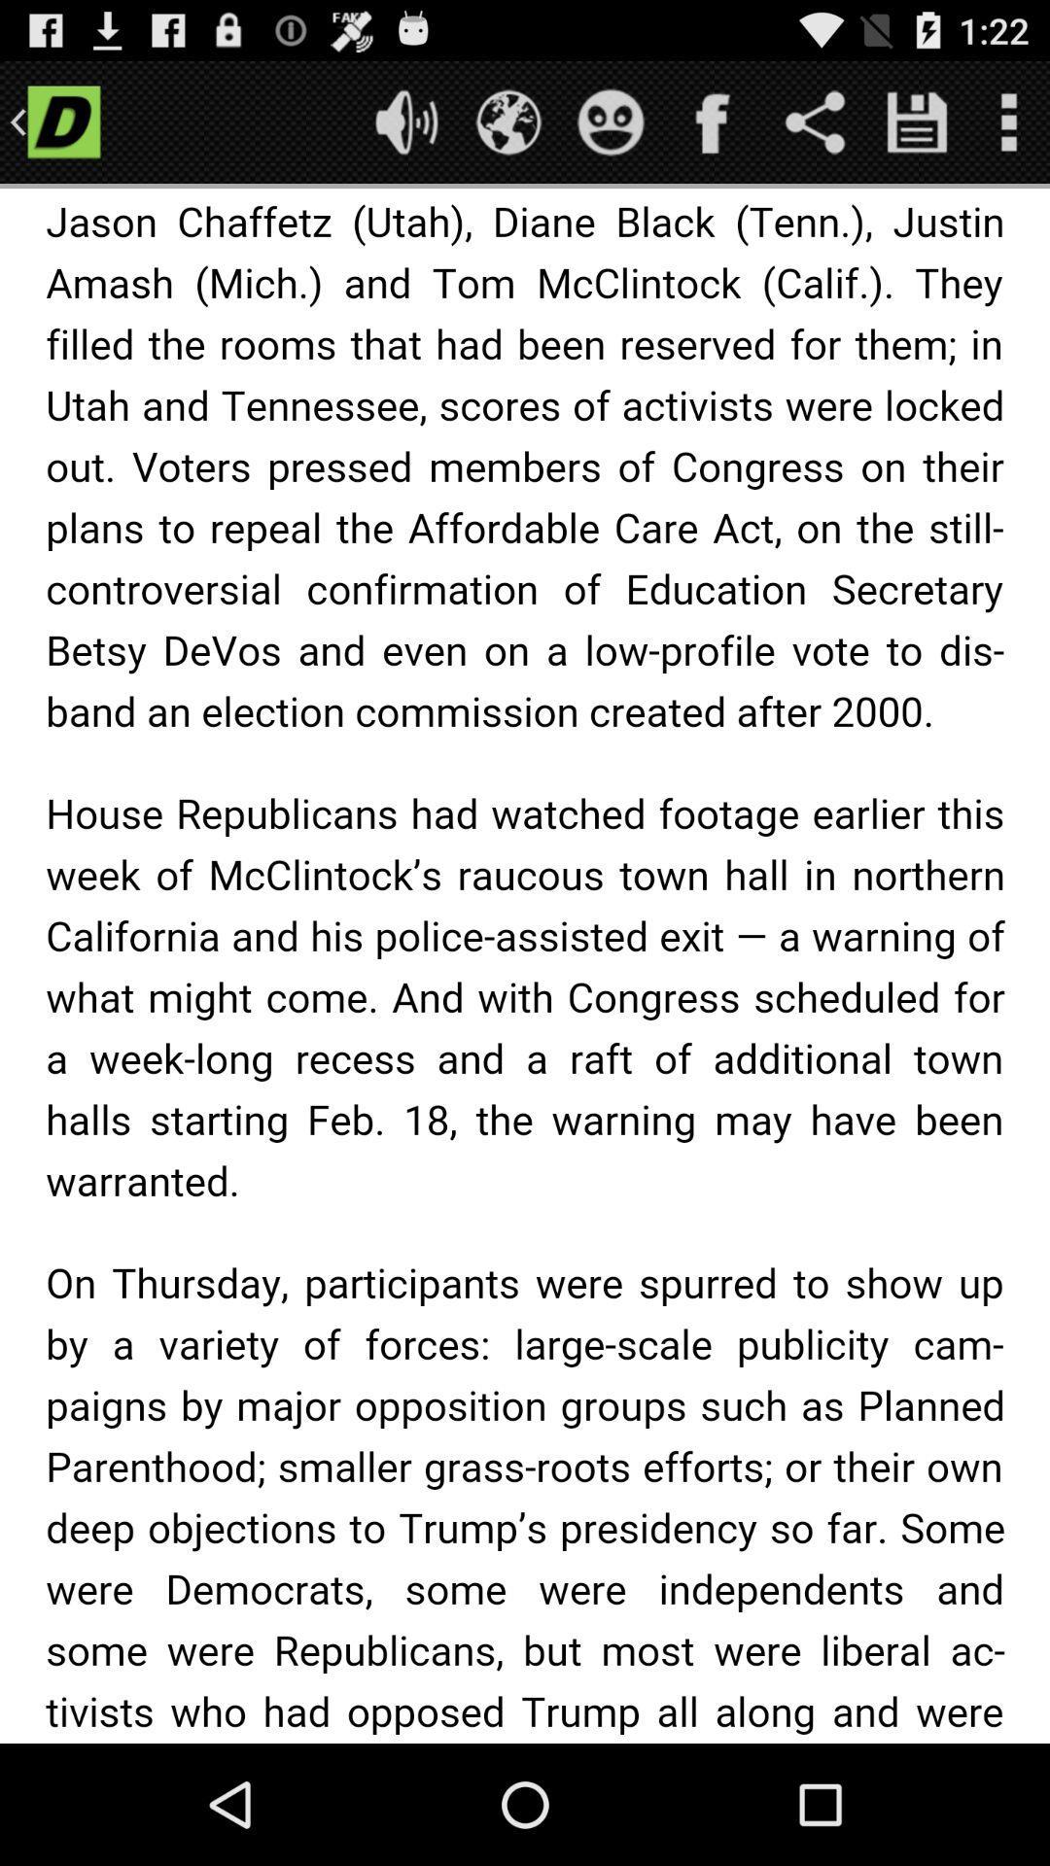  Describe the element at coordinates (405, 121) in the screenshot. I see `mute or unmute sound` at that location.